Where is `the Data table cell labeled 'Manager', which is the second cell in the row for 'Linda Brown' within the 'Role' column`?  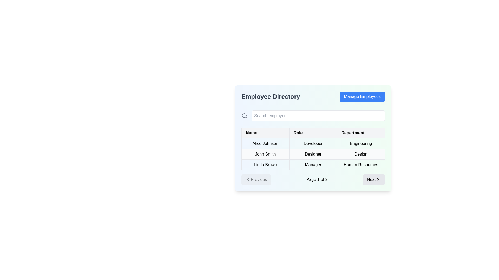
the Data table cell labeled 'Manager', which is the second cell in the row for 'Linda Brown' within the 'Role' column is located at coordinates (313, 165).